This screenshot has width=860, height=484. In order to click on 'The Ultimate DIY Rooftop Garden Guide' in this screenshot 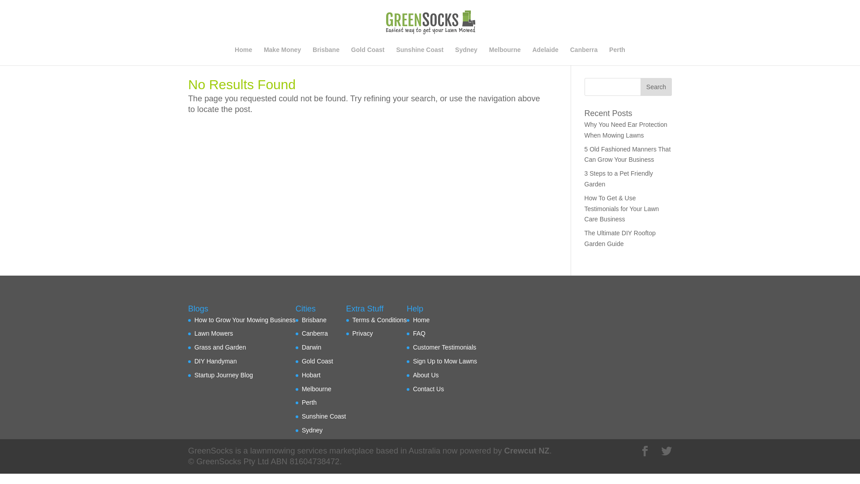, I will do `click(619, 238)`.